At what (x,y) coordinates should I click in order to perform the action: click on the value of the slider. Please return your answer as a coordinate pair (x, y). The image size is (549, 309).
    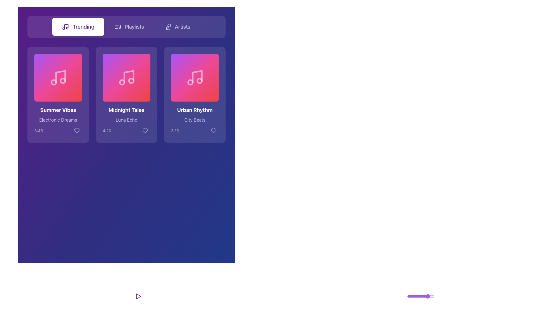
    Looking at the image, I should click on (423, 296).